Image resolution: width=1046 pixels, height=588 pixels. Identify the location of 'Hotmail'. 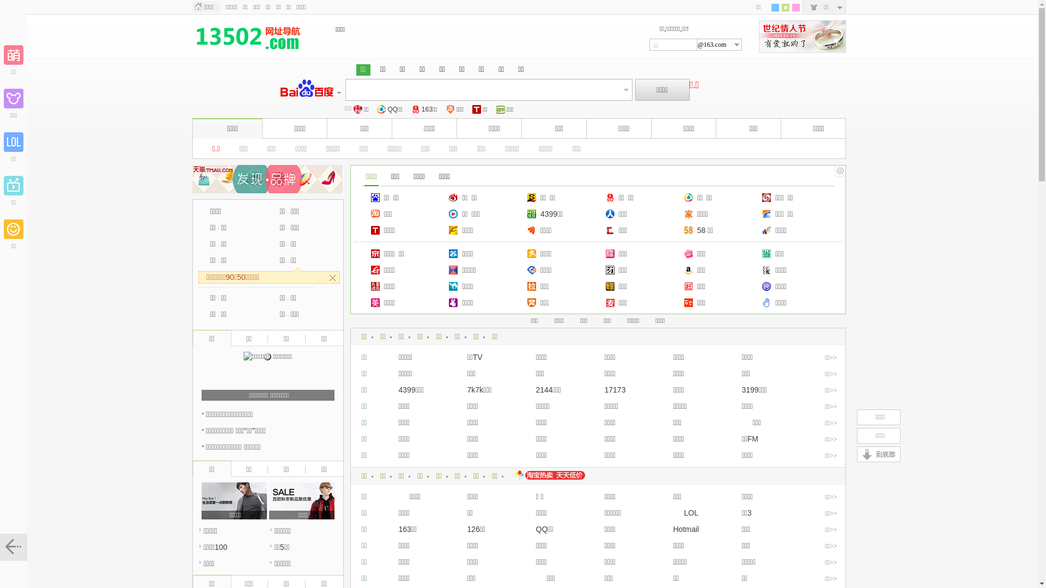
(685, 529).